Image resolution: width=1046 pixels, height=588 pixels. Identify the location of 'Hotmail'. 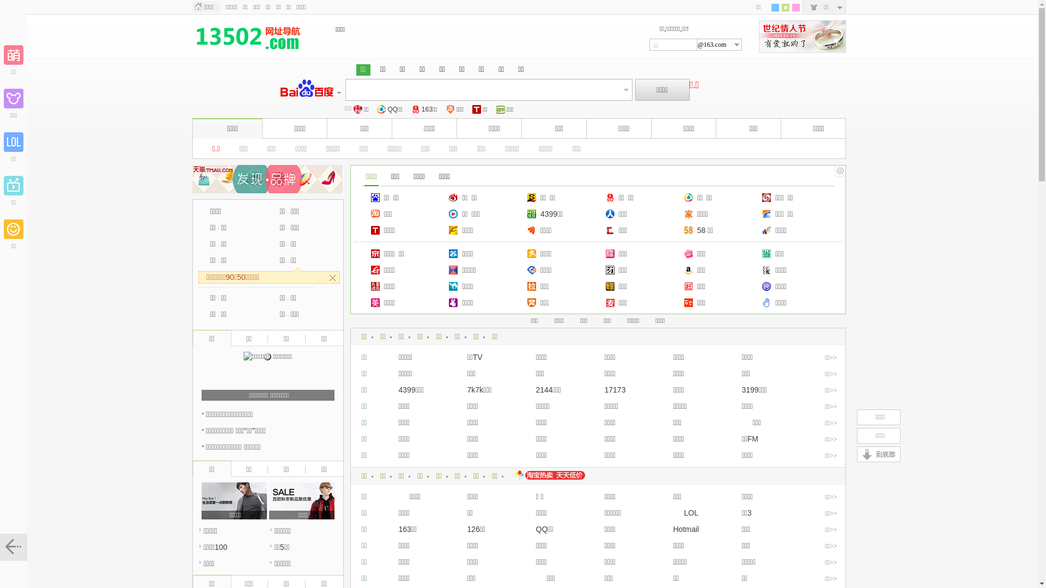
(685, 529).